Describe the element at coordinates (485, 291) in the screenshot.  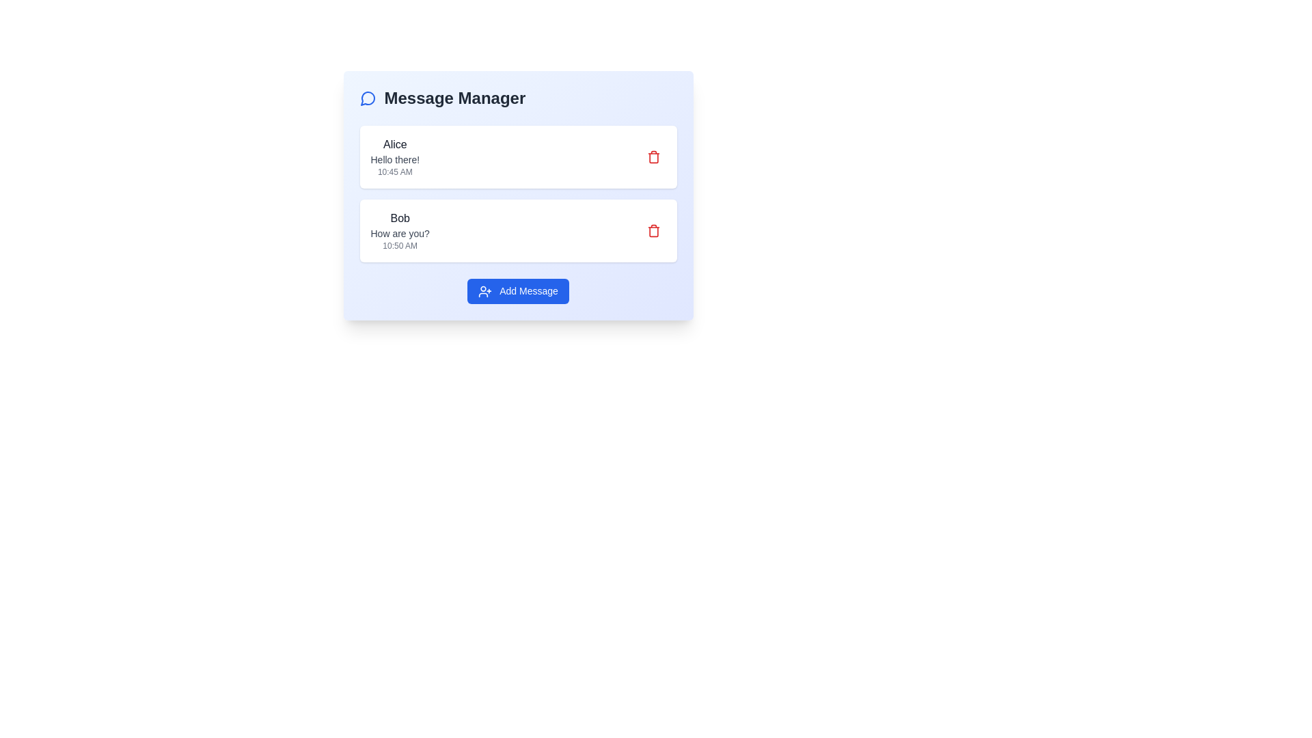
I see `the icon located within the 'Add Message' button, positioned to the left of the text label at the bottom of the interface panel` at that location.